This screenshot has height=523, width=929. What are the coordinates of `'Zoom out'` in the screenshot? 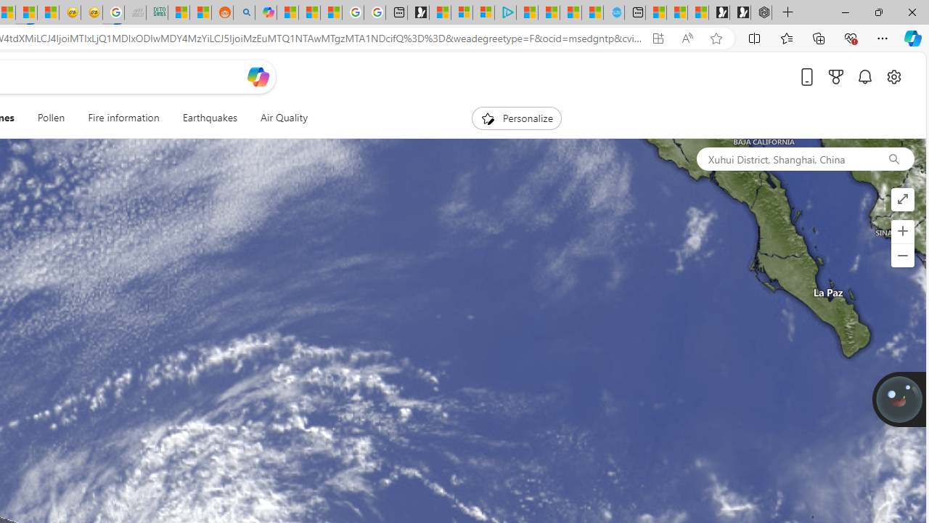 It's located at (901, 255).